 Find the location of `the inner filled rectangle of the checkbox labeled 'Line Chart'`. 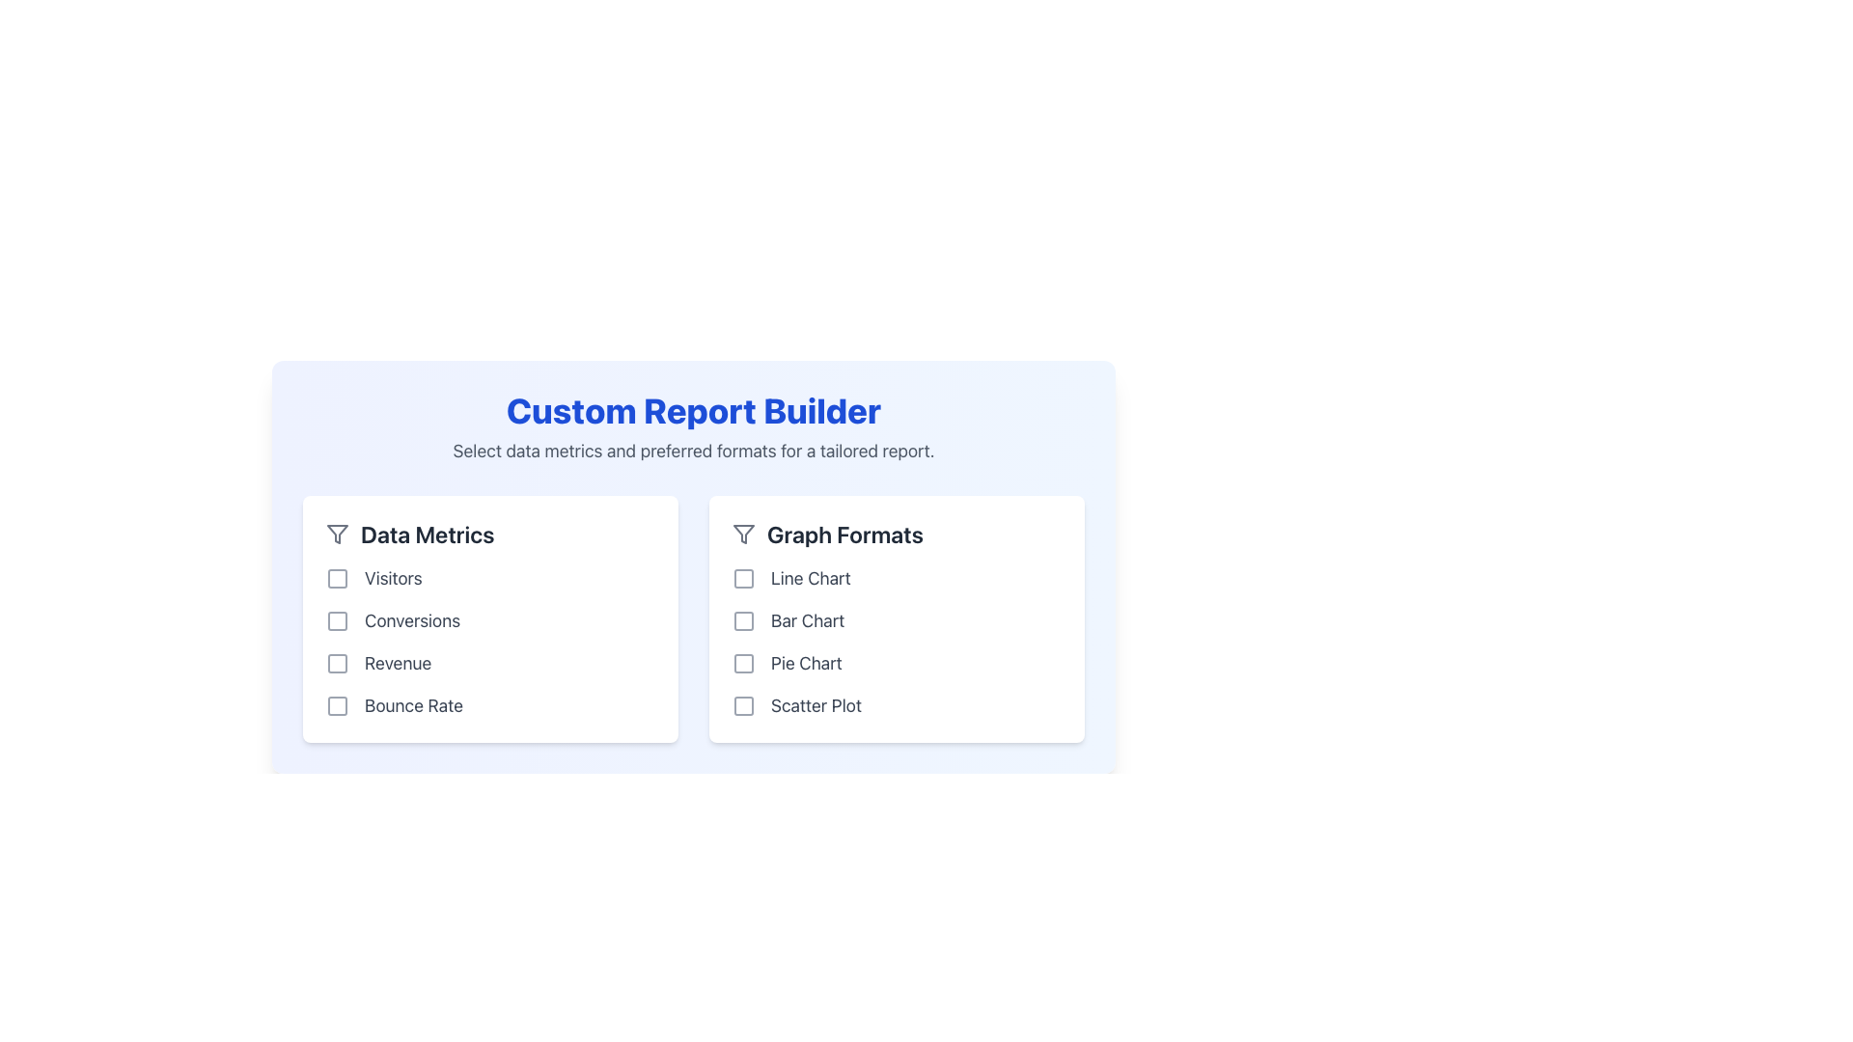

the inner filled rectangle of the checkbox labeled 'Line Chart' is located at coordinates (743, 578).